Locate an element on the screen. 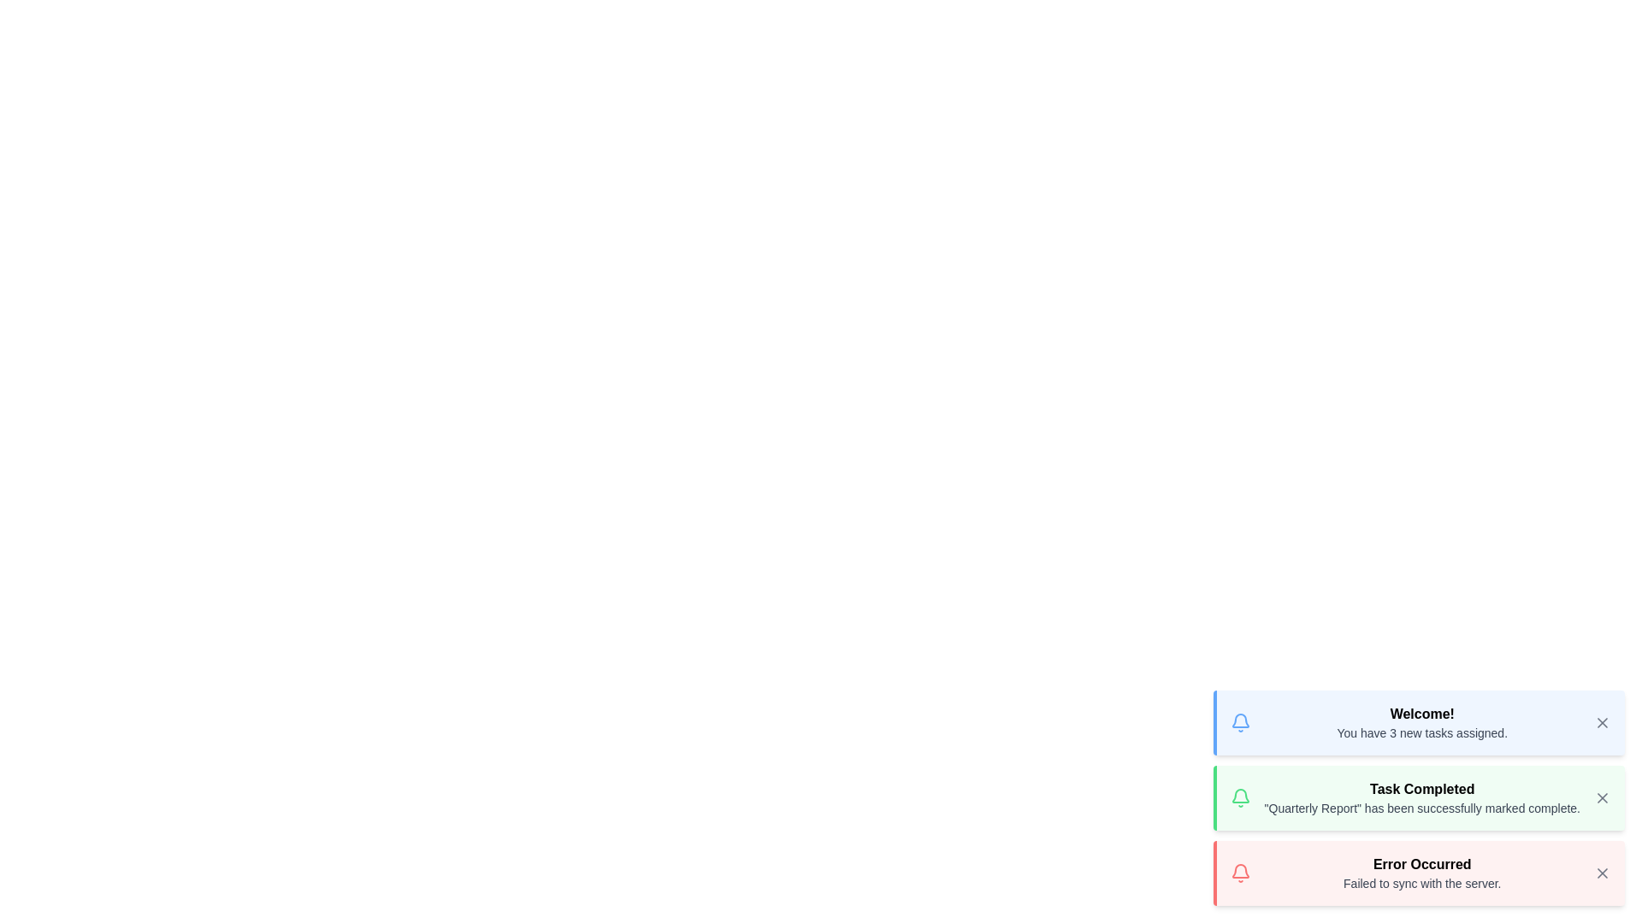  the small icon button resembling a cross ('X') located in the upper-right corner of the notification card with the text 'Task Completed' is located at coordinates (1601, 797).